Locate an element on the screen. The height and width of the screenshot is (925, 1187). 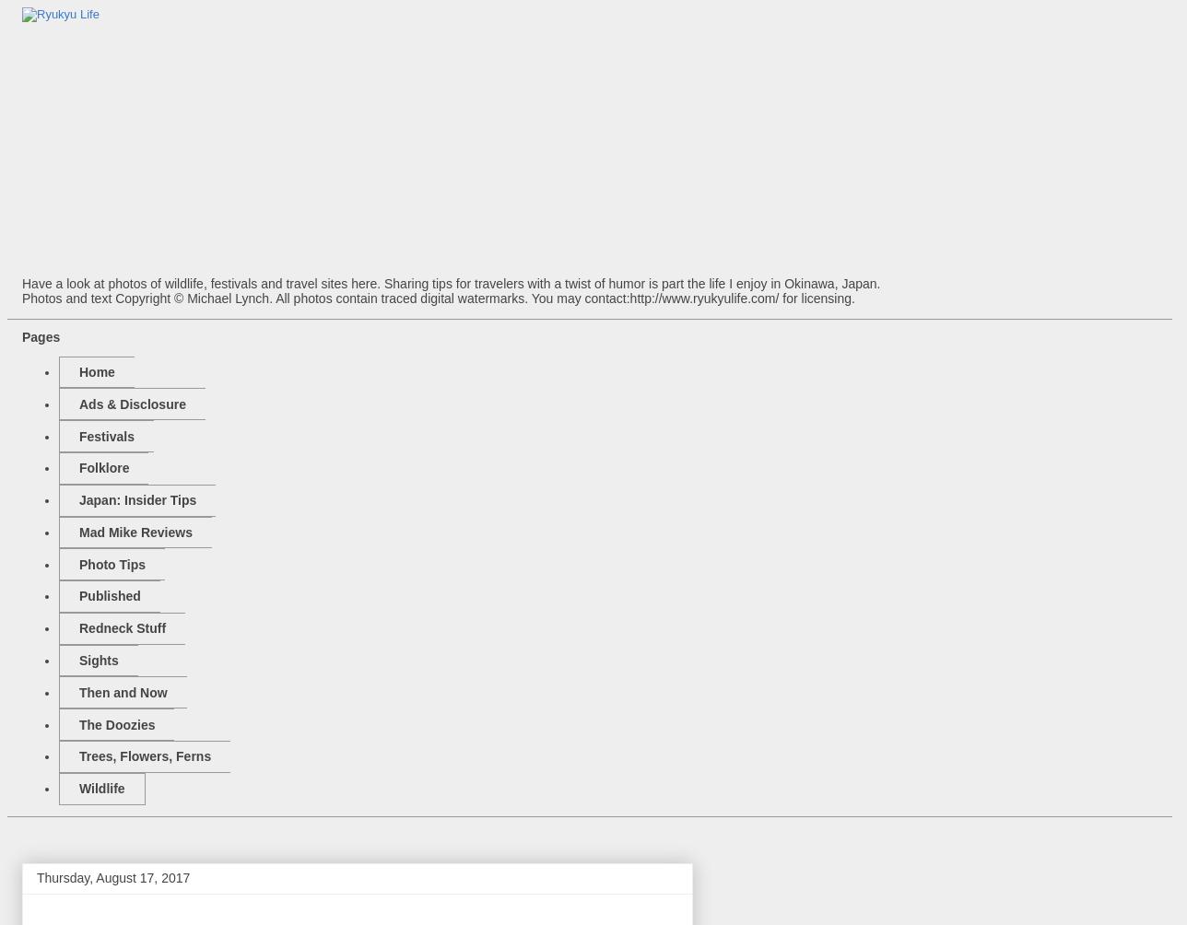
'Pages' is located at coordinates (41, 335).